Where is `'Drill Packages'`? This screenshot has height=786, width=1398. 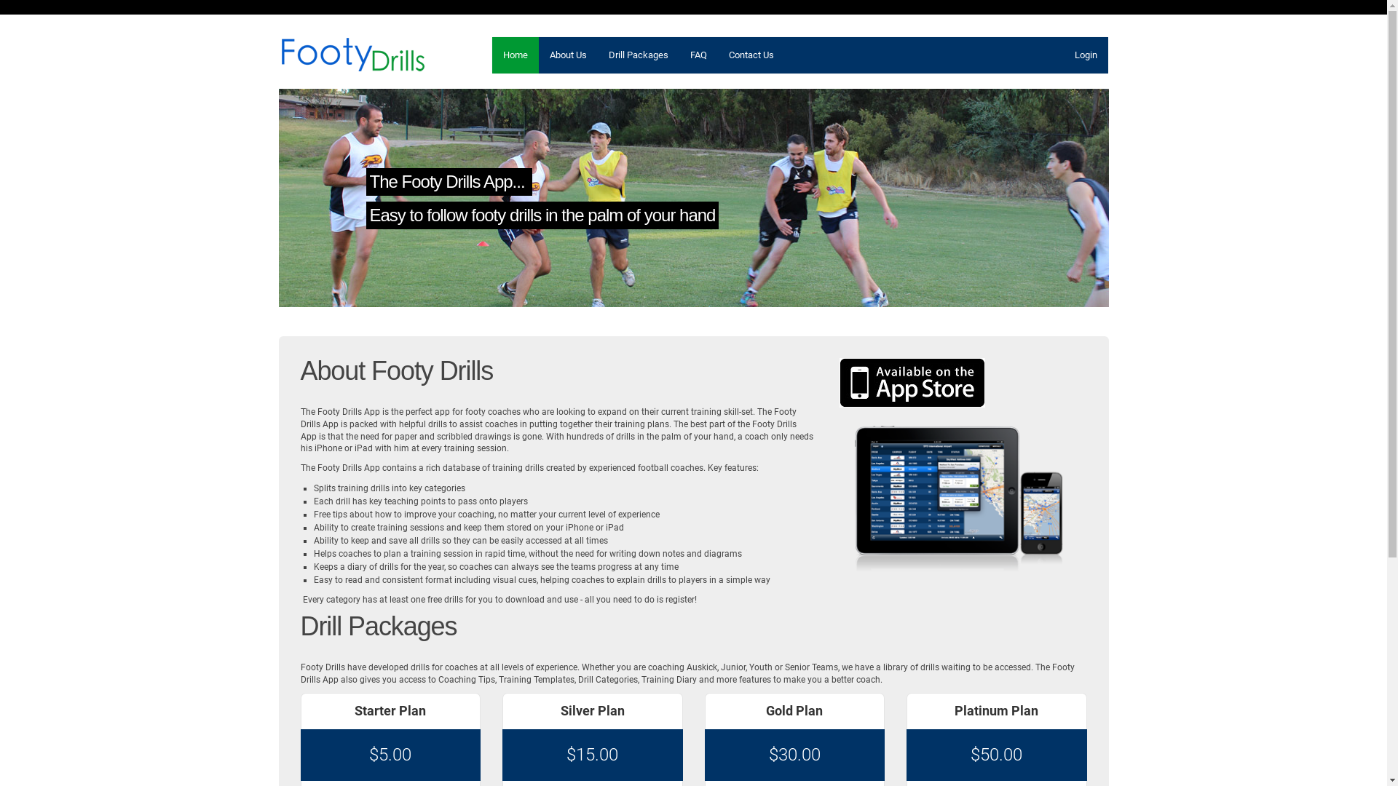
'Drill Packages' is located at coordinates (597, 55).